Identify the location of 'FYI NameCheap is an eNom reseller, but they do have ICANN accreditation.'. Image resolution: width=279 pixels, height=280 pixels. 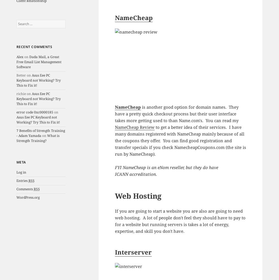
(166, 170).